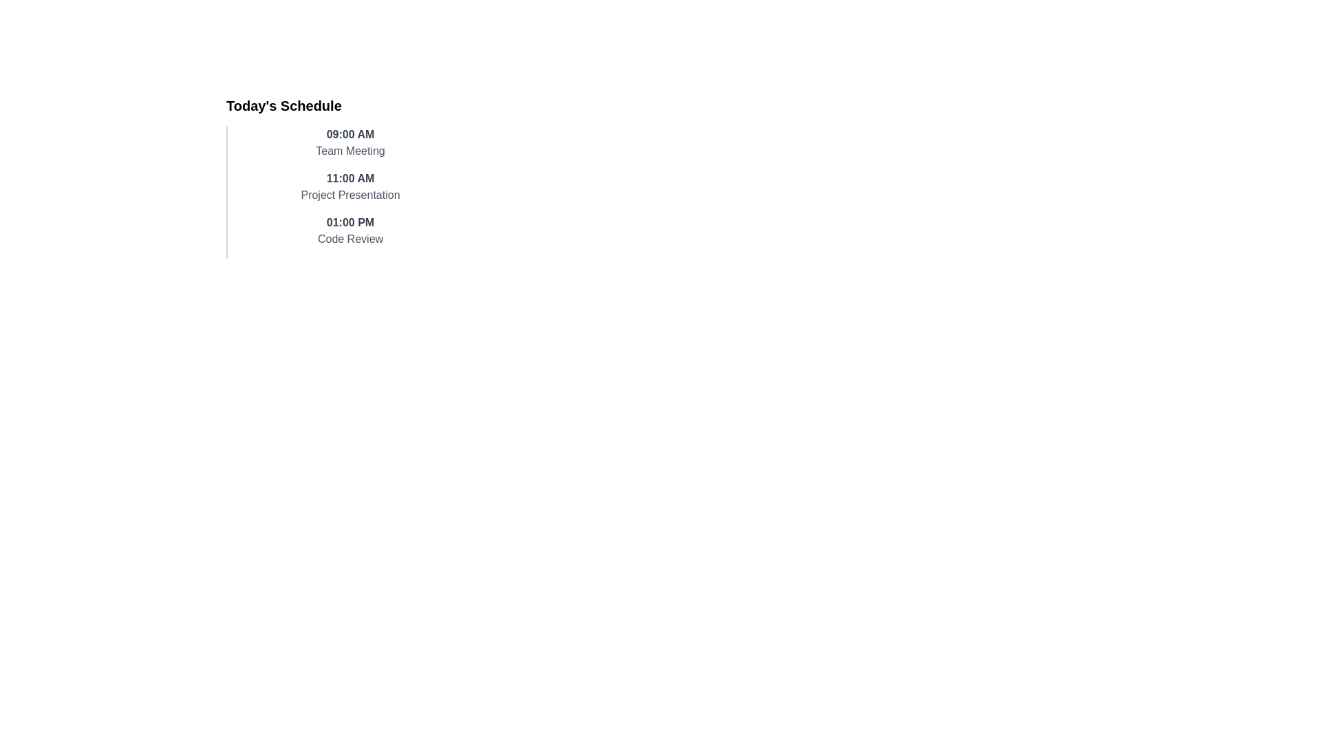 The image size is (1321, 743). Describe the element at coordinates (350, 187) in the screenshot. I see `the text block that displays the time '11:00 AM' and the event title 'Project Presentation', which is the second appointment entry in the schedule` at that location.